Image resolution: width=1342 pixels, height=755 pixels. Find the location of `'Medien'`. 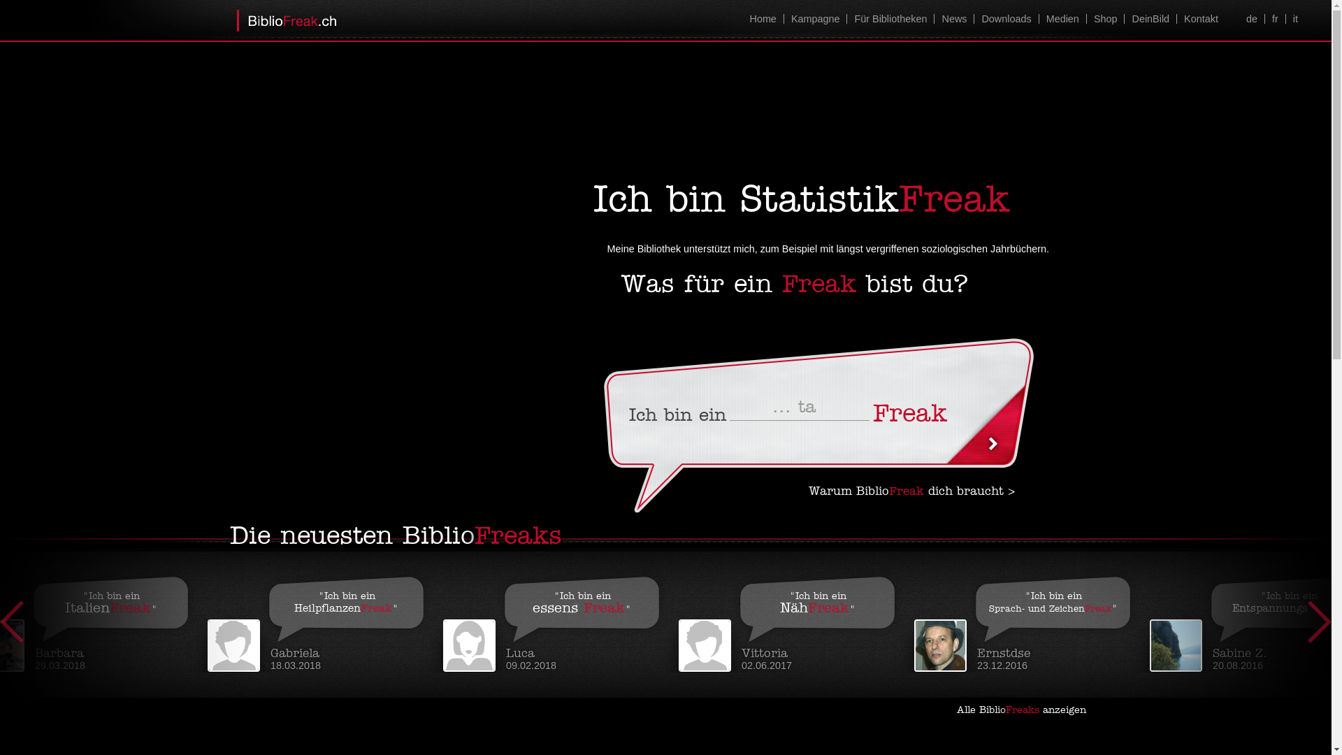

'Medien' is located at coordinates (1062, 19).